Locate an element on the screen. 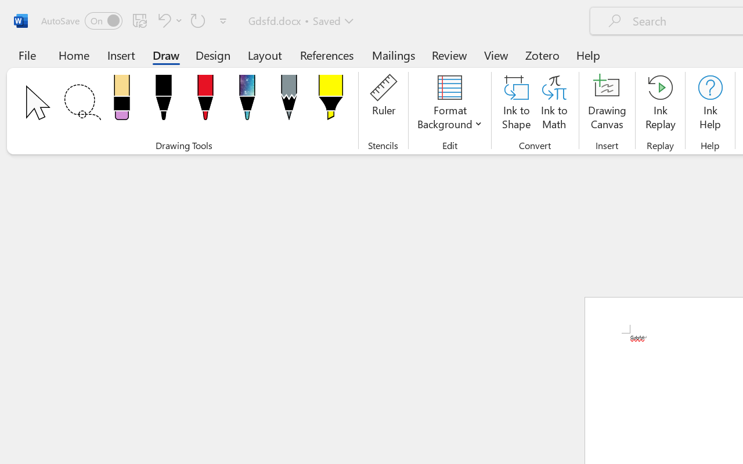  'Ink Help' is located at coordinates (709, 104).